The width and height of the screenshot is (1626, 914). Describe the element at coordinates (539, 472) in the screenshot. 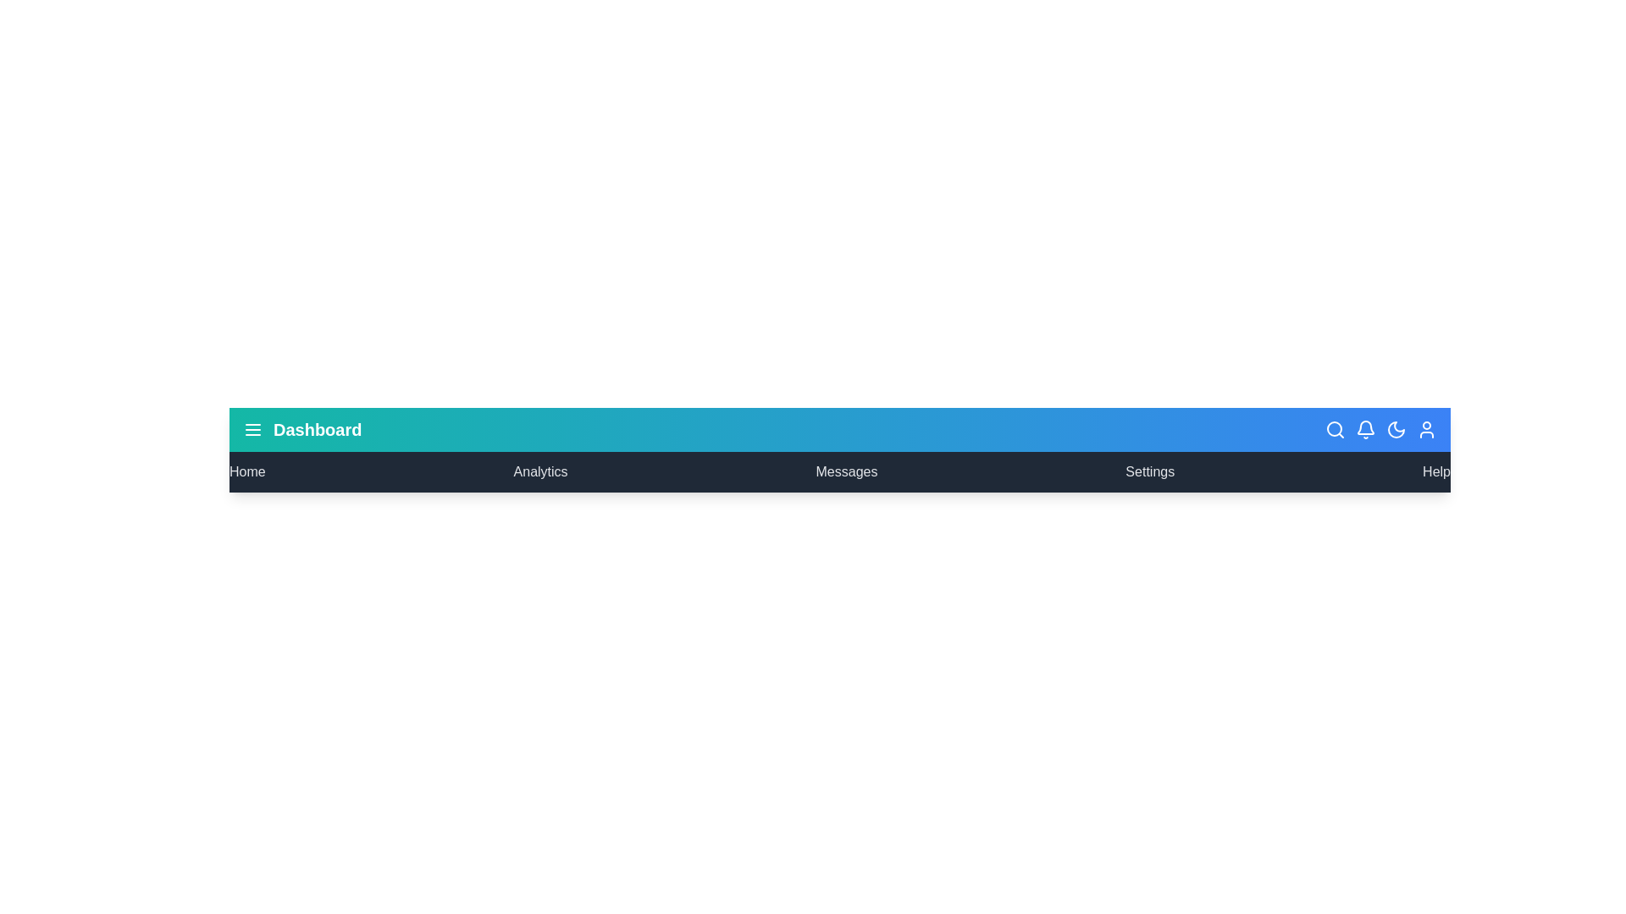

I see `the menu item Analytics to navigate to the respective section` at that location.